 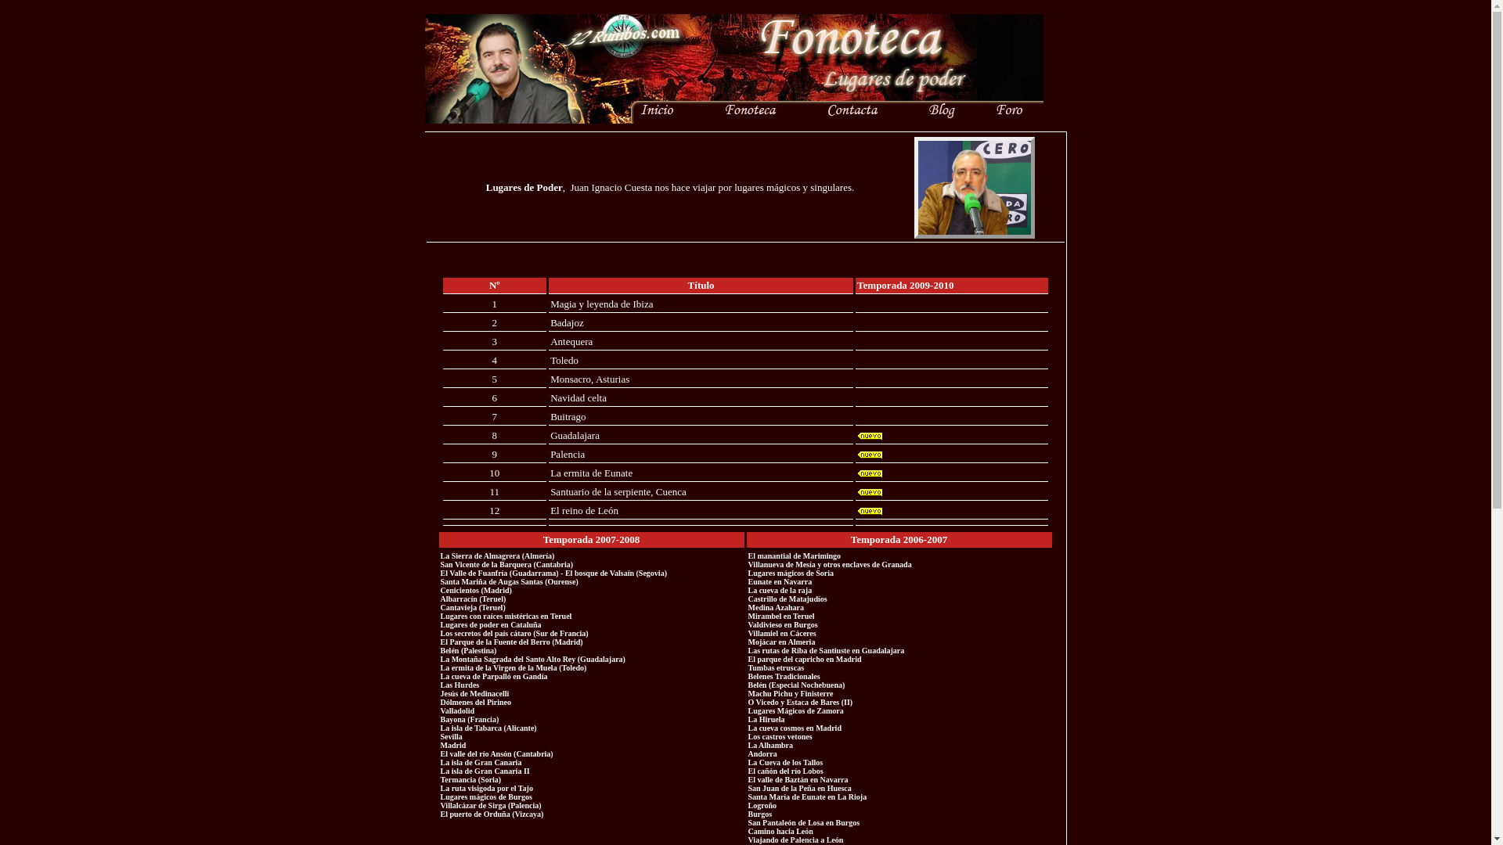 I want to click on 'Guadalajara', so click(x=574, y=435).